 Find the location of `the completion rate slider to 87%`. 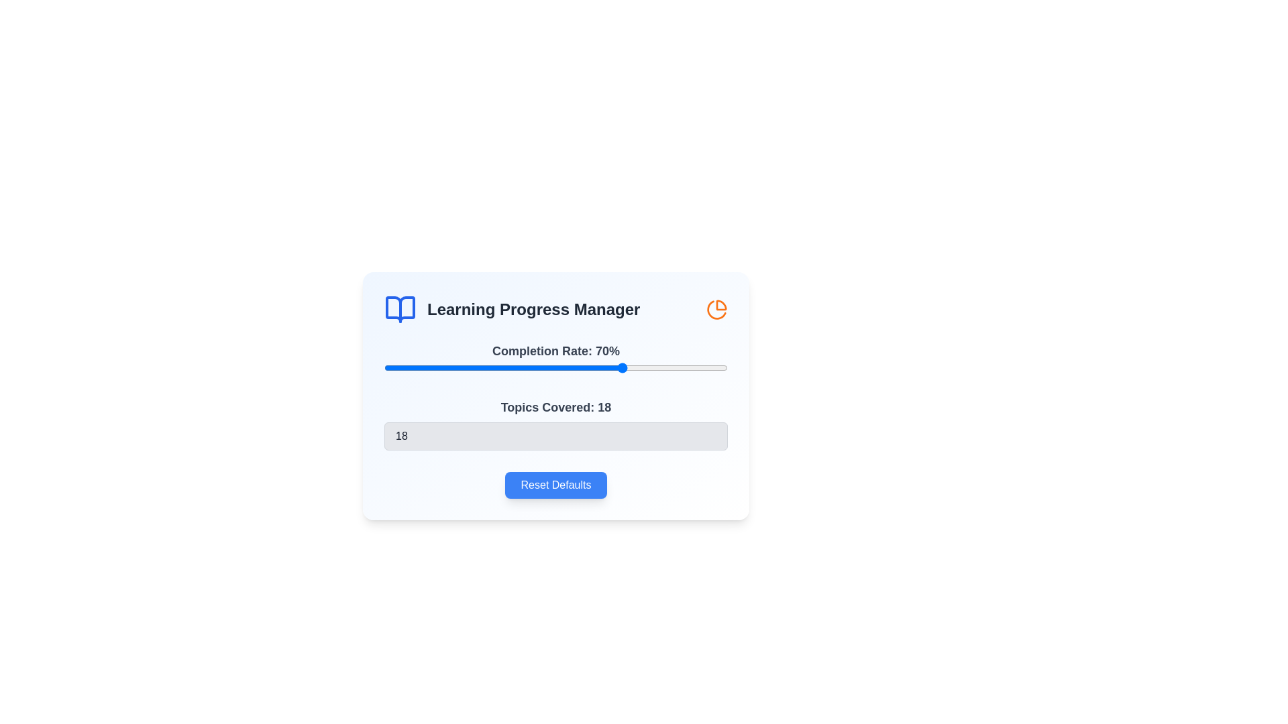

the completion rate slider to 87% is located at coordinates (683, 367).